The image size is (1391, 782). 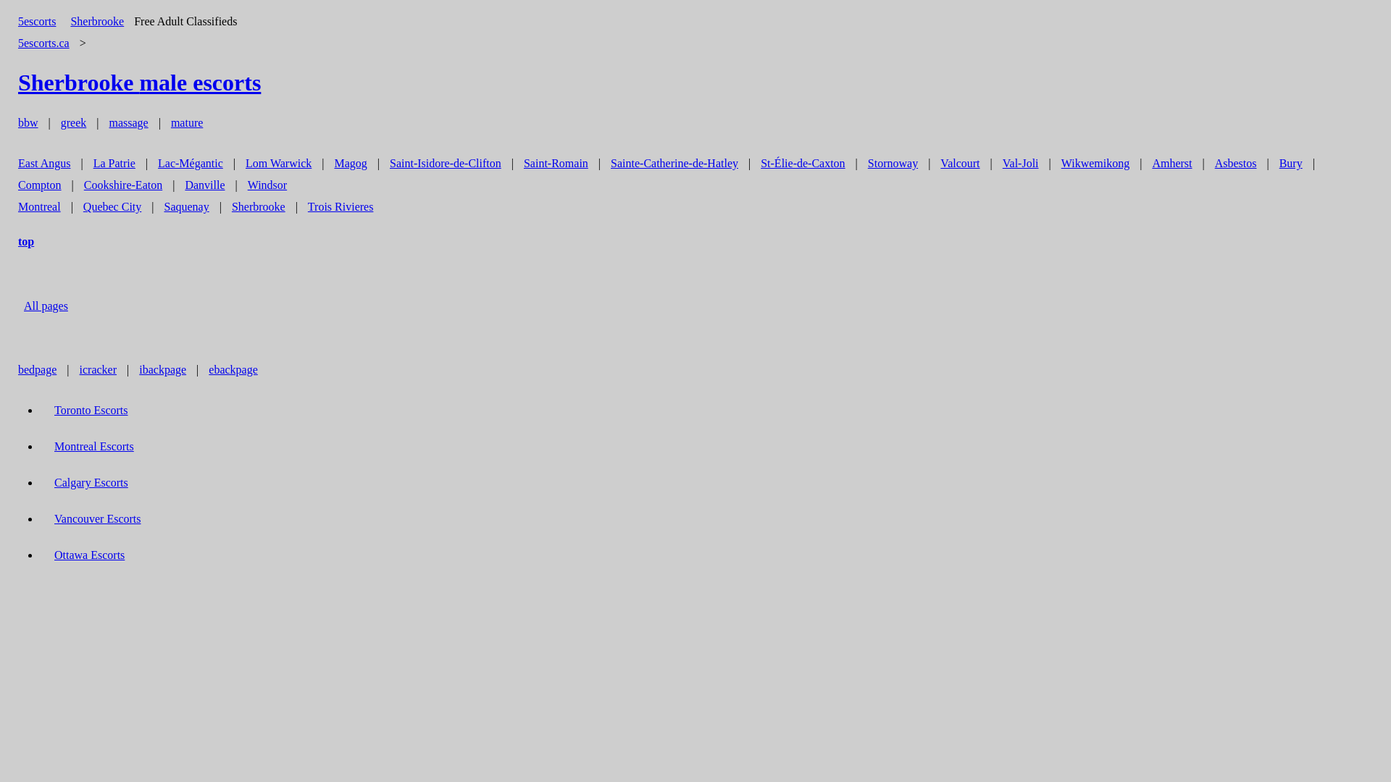 What do you see at coordinates (96, 21) in the screenshot?
I see `'Sherbrooke'` at bounding box center [96, 21].